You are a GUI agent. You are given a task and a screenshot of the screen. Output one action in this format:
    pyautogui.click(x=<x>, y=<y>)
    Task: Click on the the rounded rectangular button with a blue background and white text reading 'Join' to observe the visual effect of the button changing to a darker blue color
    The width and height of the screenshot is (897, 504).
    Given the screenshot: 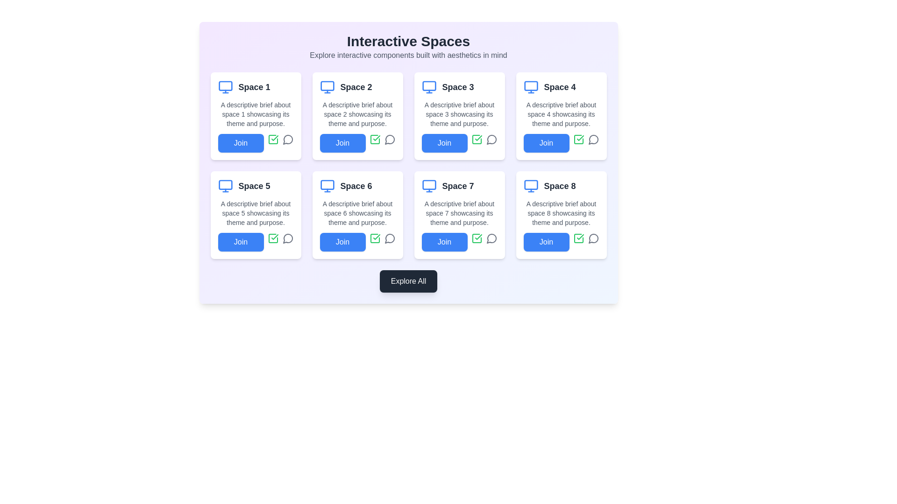 What is the action you would take?
    pyautogui.click(x=546, y=143)
    